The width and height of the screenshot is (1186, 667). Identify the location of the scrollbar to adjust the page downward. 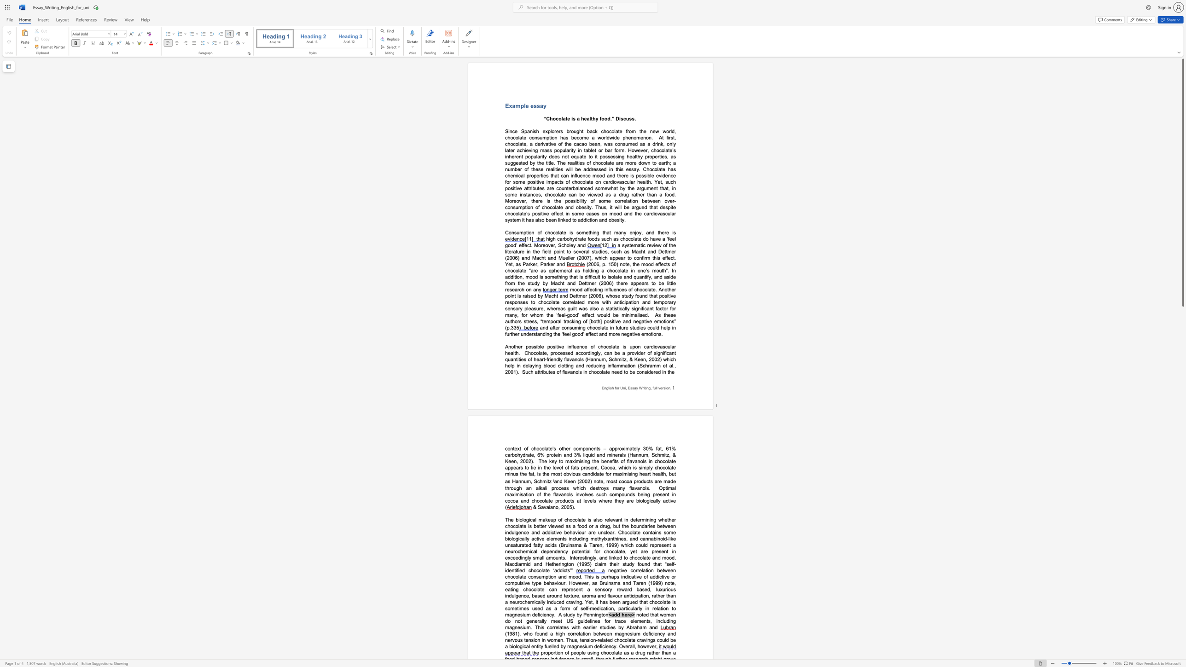
(1182, 549).